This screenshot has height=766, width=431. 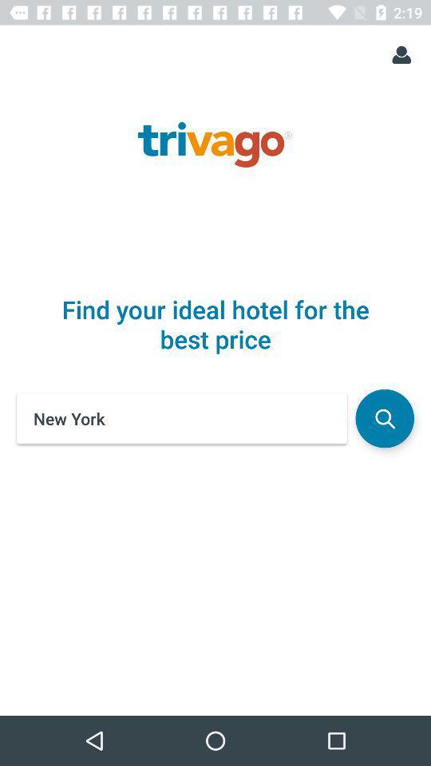 What do you see at coordinates (384, 417) in the screenshot?
I see `the item on the right` at bounding box center [384, 417].